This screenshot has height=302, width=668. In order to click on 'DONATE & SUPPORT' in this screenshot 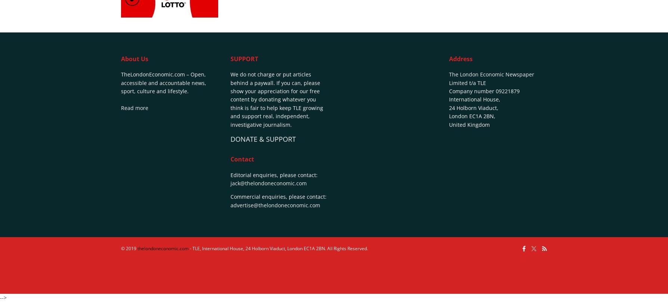, I will do `click(230, 138)`.